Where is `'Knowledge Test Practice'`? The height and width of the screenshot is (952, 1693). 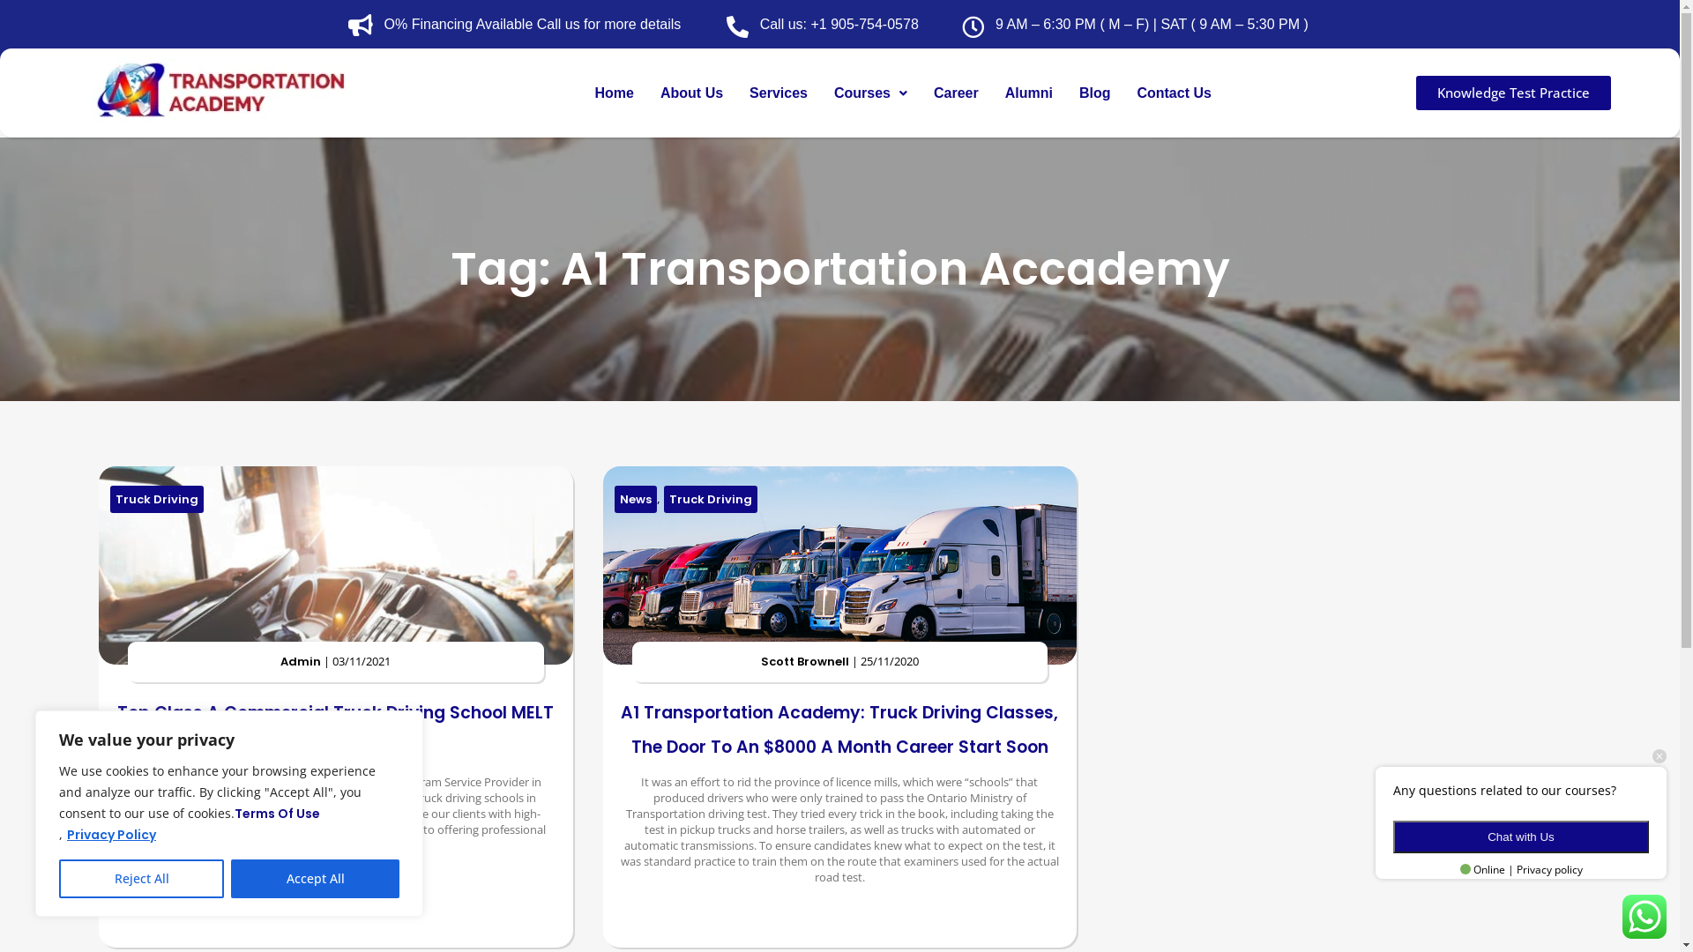 'Knowledge Test Practice' is located at coordinates (1512, 93).